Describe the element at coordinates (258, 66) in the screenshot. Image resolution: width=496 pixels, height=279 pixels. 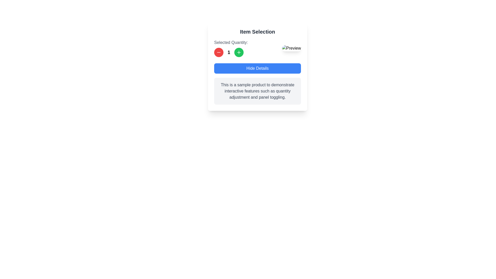
I see `the blue rectangular button labeled 'Hide Details'` at that location.